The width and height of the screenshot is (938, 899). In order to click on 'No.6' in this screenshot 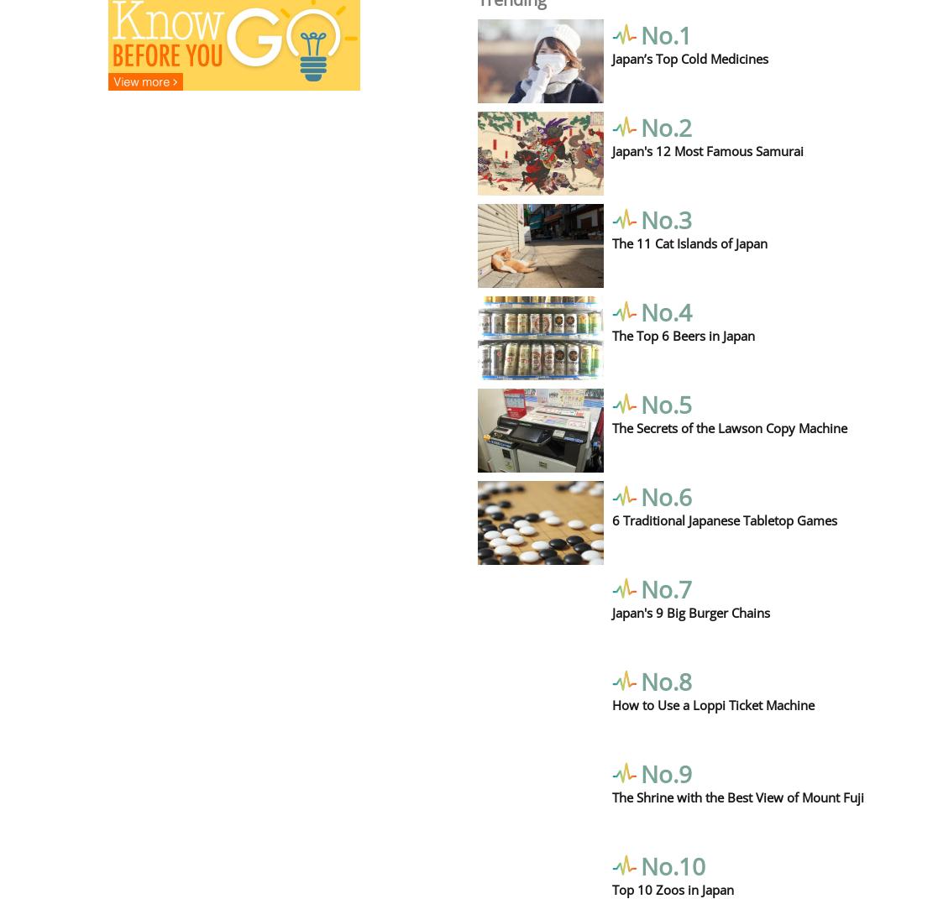, I will do `click(665, 495)`.